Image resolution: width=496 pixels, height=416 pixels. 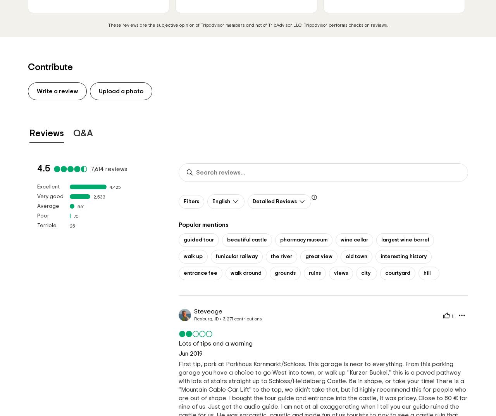 What do you see at coordinates (228, 289) in the screenshot?
I see `'schloss'` at bounding box center [228, 289].